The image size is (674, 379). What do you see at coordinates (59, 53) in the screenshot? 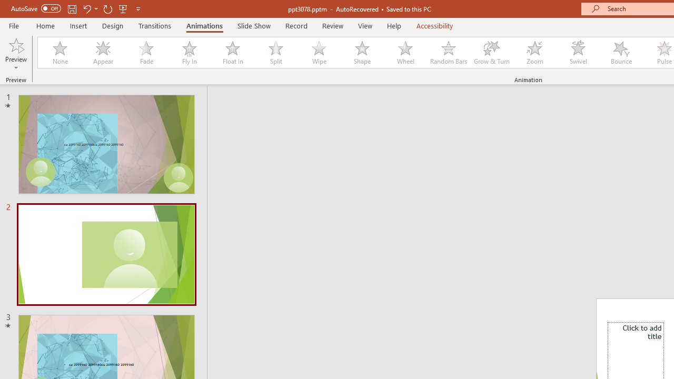
I see `'None'` at bounding box center [59, 53].